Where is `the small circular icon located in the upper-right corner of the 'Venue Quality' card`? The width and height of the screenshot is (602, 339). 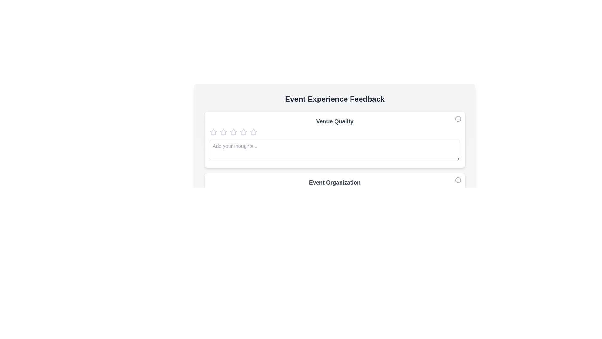 the small circular icon located in the upper-right corner of the 'Venue Quality' card is located at coordinates (458, 119).